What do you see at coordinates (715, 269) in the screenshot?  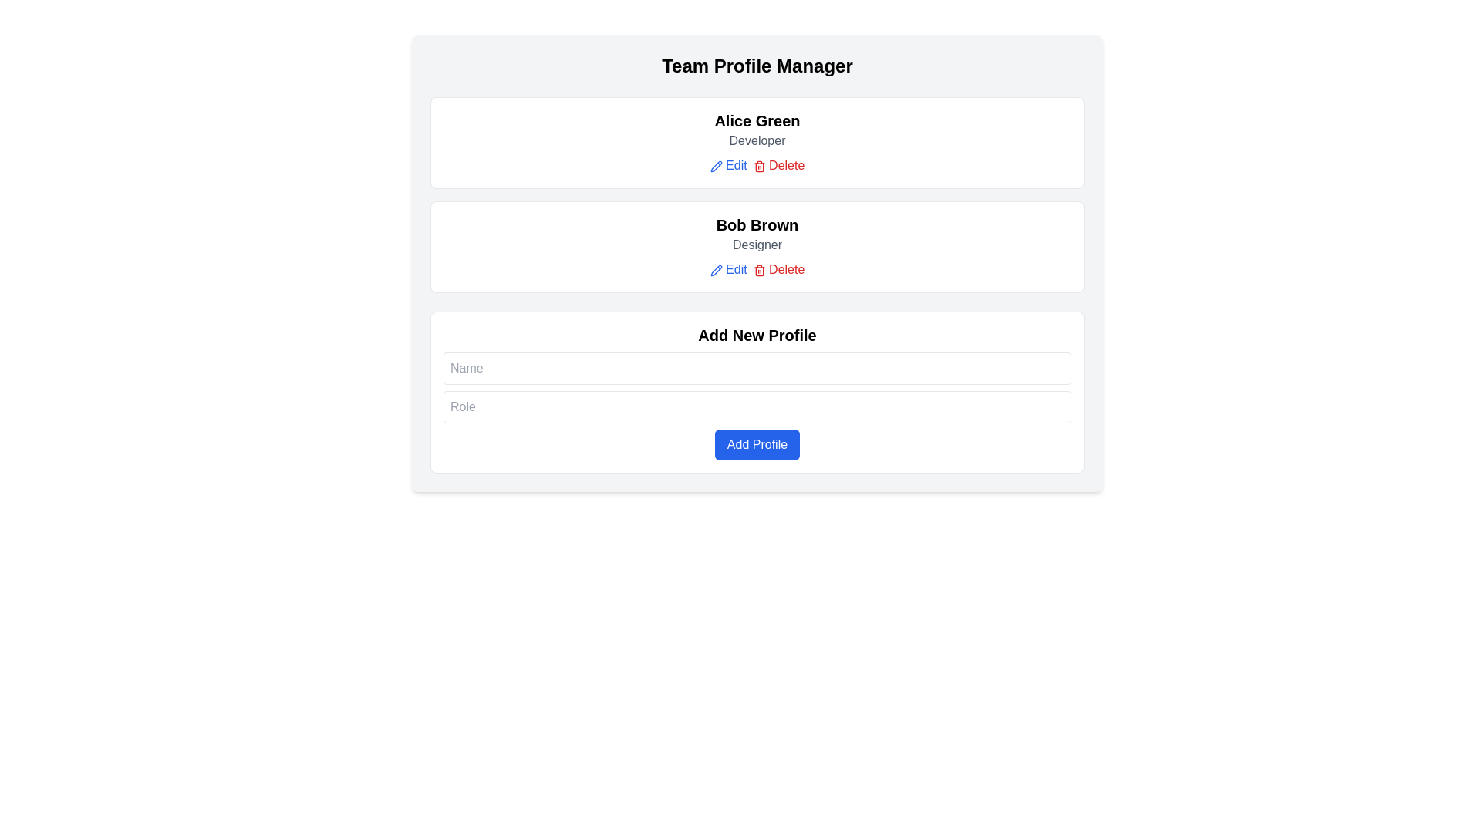 I see `the edit icon associated with team member 'Bob Brown'` at bounding box center [715, 269].